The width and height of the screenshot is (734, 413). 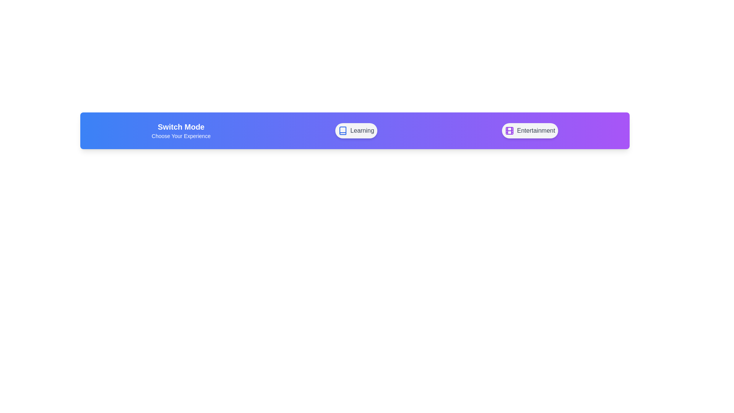 What do you see at coordinates (509, 130) in the screenshot?
I see `the leftmost icon under the 'Entertainment' label for navigation or selection` at bounding box center [509, 130].